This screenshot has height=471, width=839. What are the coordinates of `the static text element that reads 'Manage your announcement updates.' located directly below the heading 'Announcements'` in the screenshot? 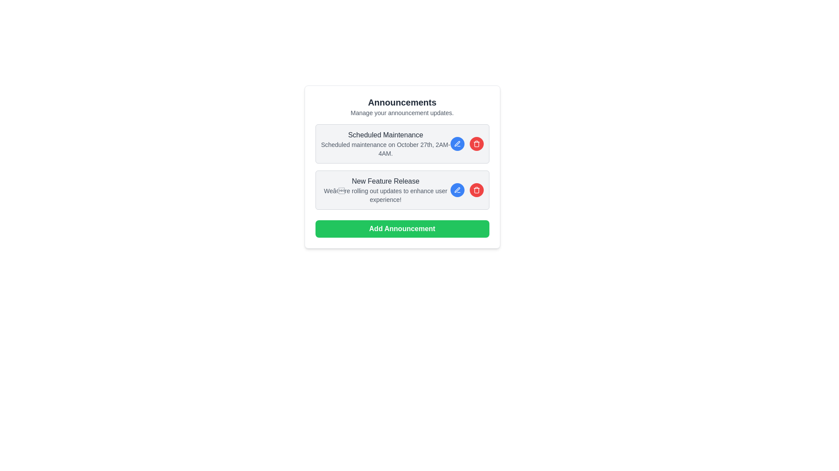 It's located at (402, 112).